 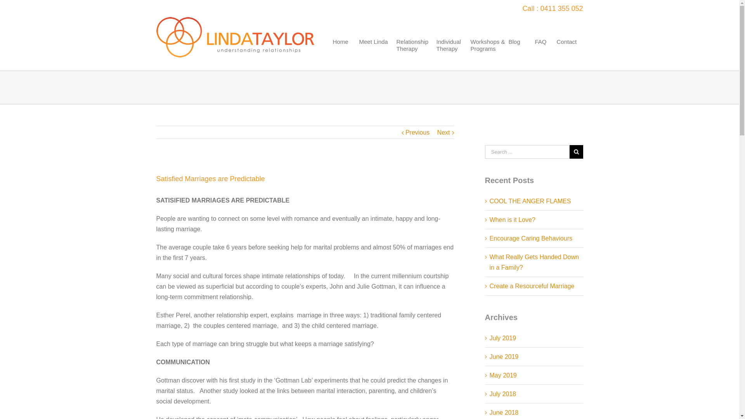 I want to click on 'Create a Resourceful Marriage', so click(x=532, y=286).